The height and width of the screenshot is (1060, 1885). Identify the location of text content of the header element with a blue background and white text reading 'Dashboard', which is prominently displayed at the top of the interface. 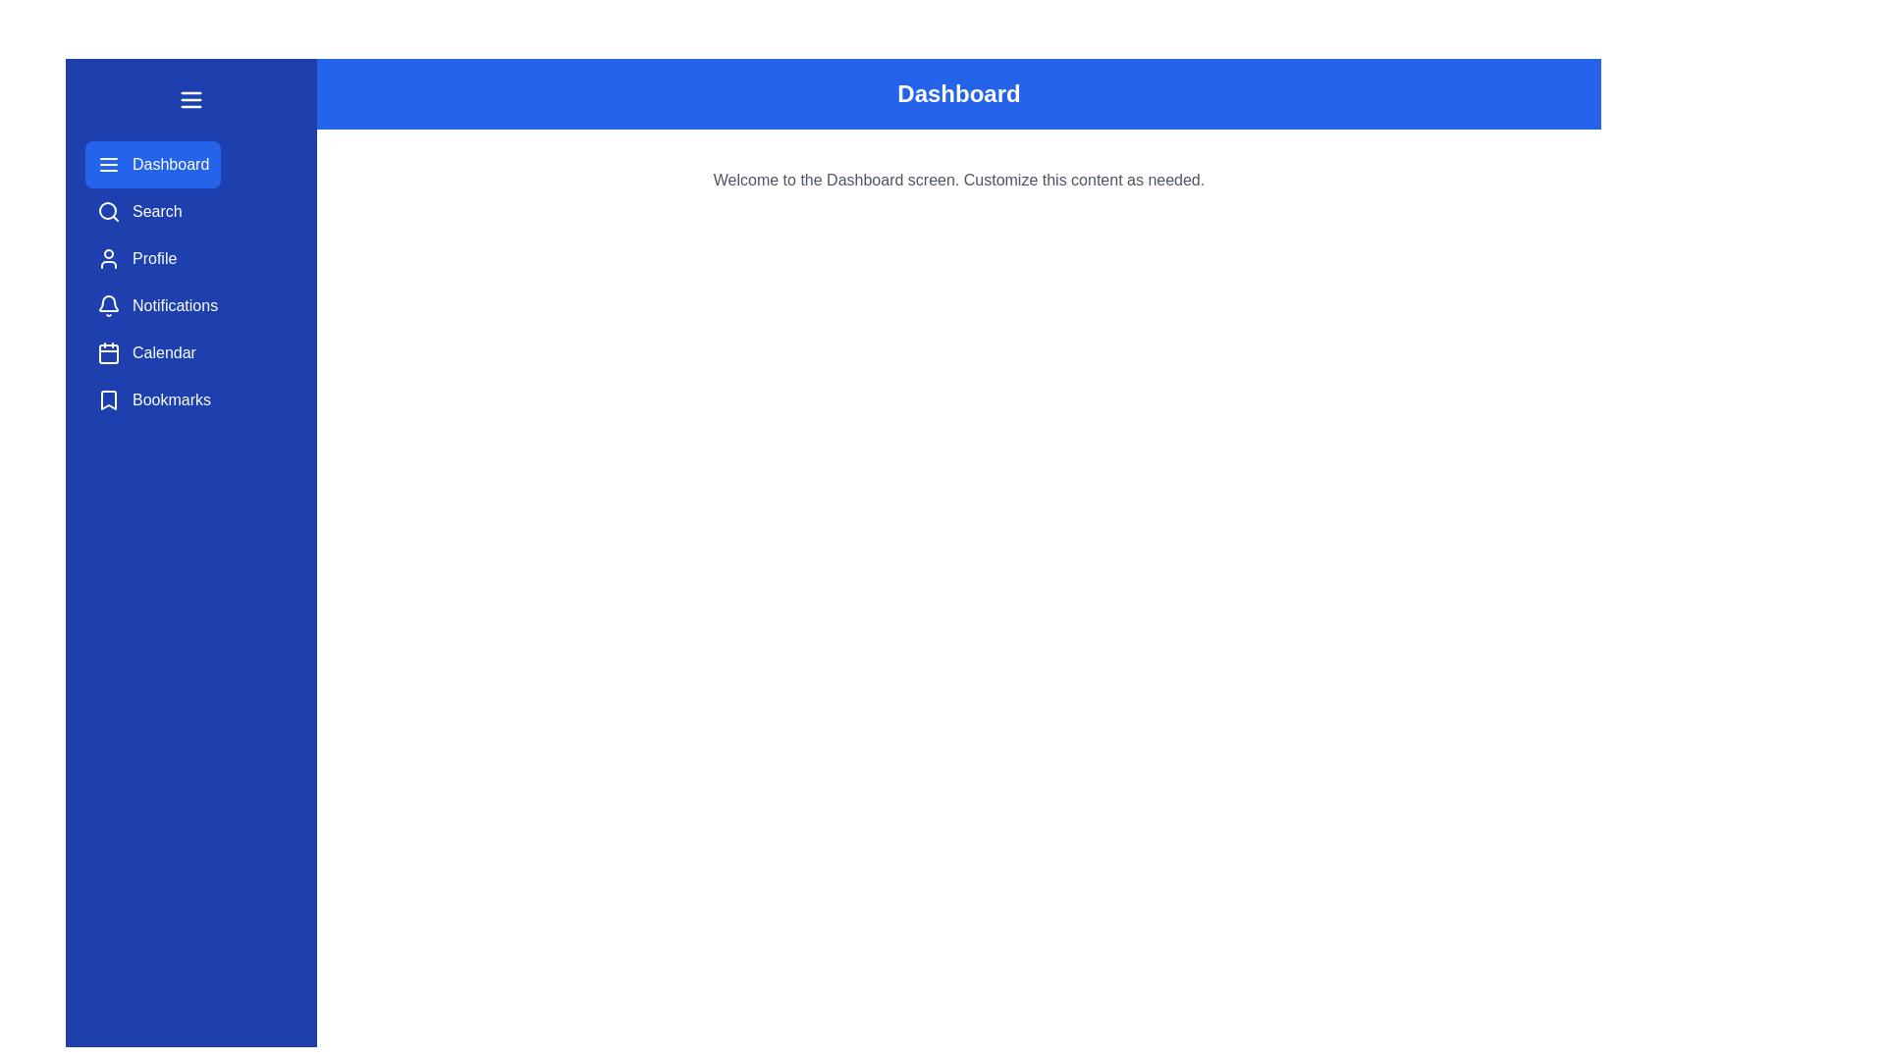
(959, 94).